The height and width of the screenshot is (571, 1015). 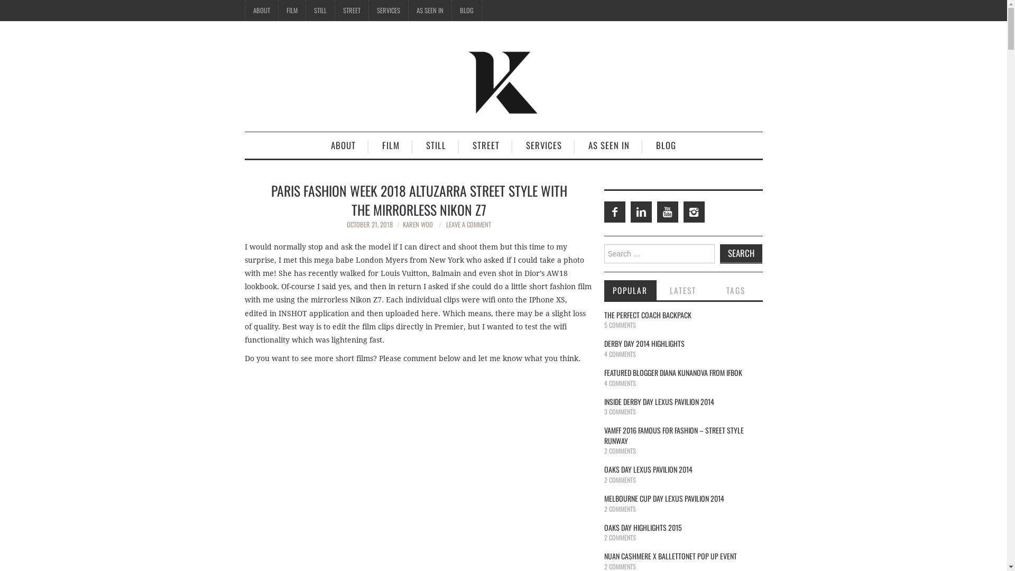 I want to click on 'THE PERFECT COACH BACKPACK', so click(x=647, y=314).